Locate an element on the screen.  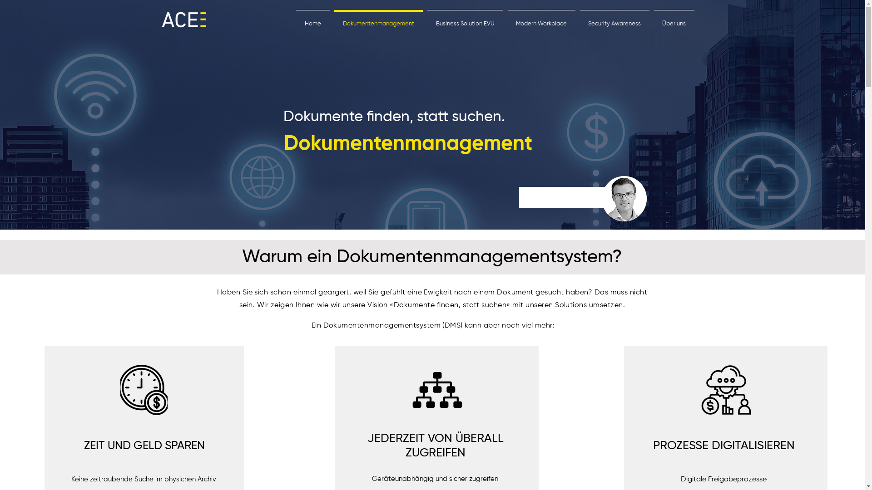
'Security Awareness' is located at coordinates (577, 20).